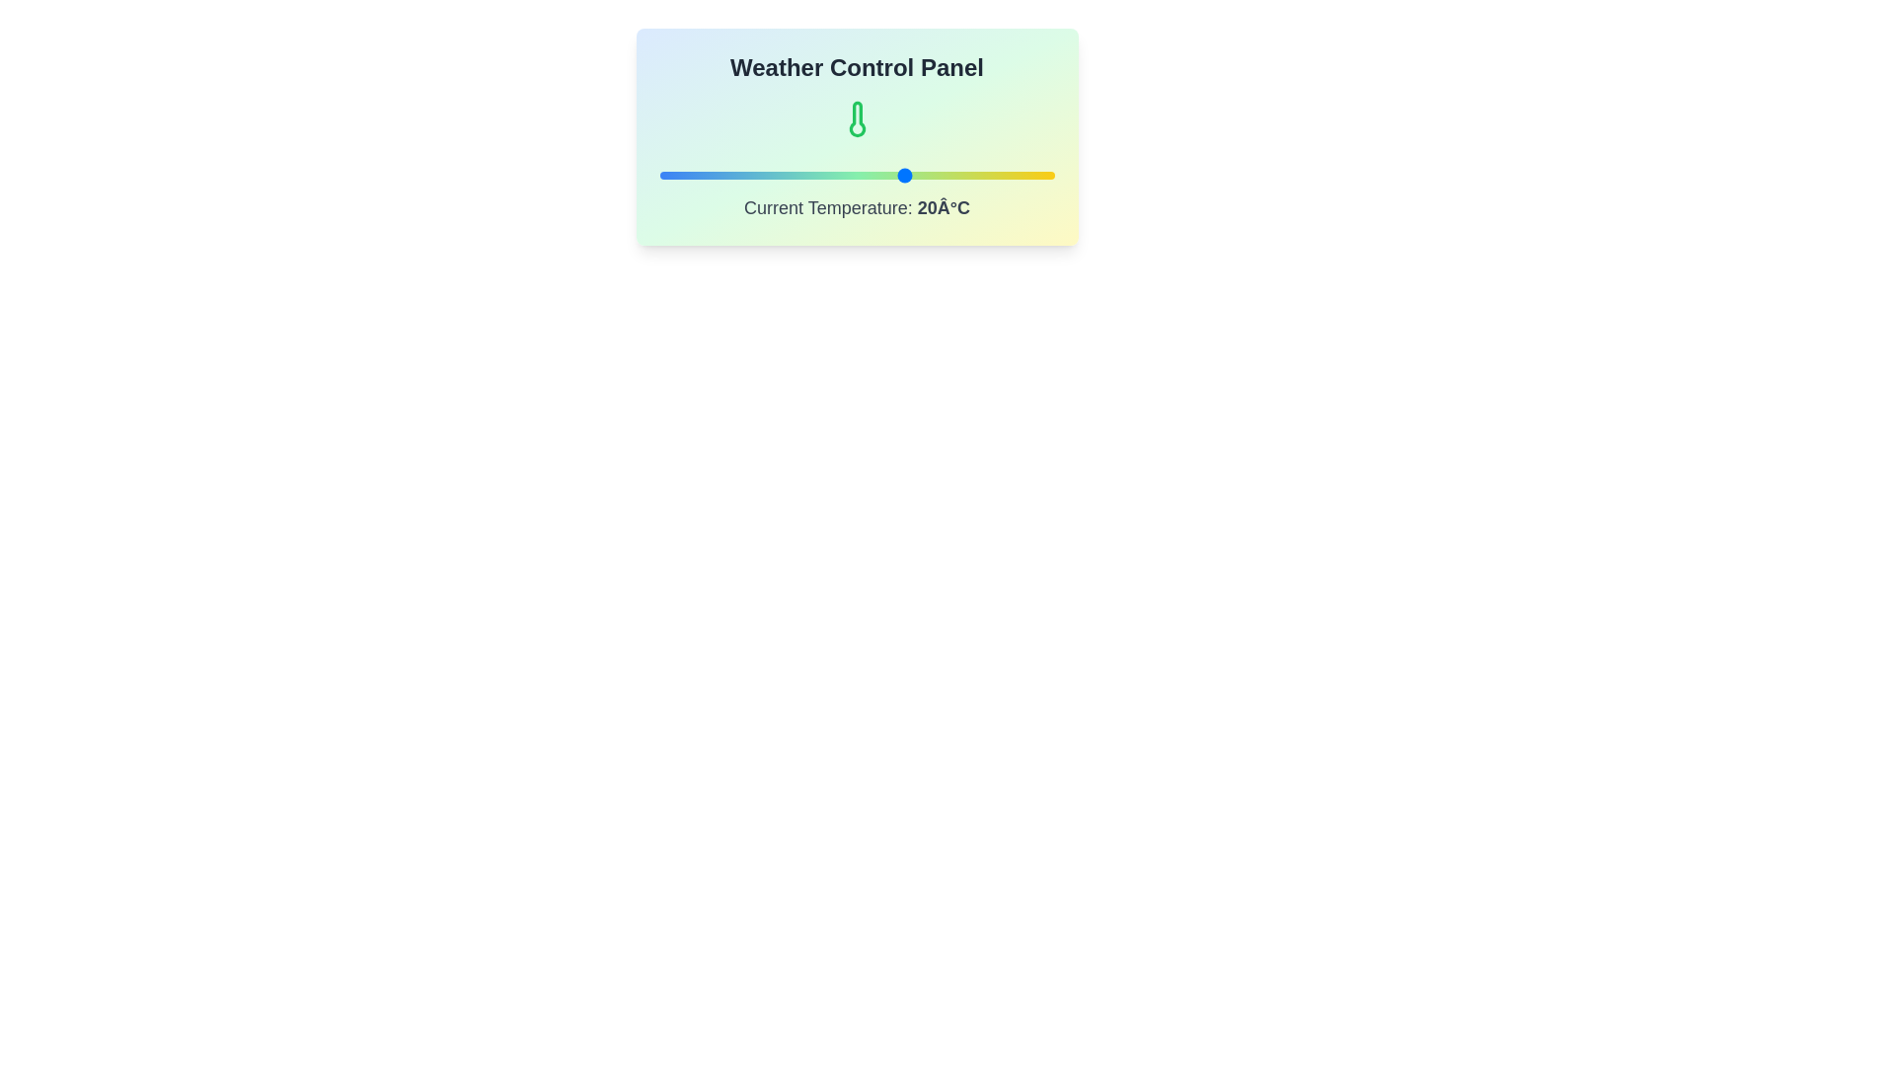 The width and height of the screenshot is (1895, 1066). I want to click on the temperature slider to 41°C to observe the icon change, so click(1010, 174).